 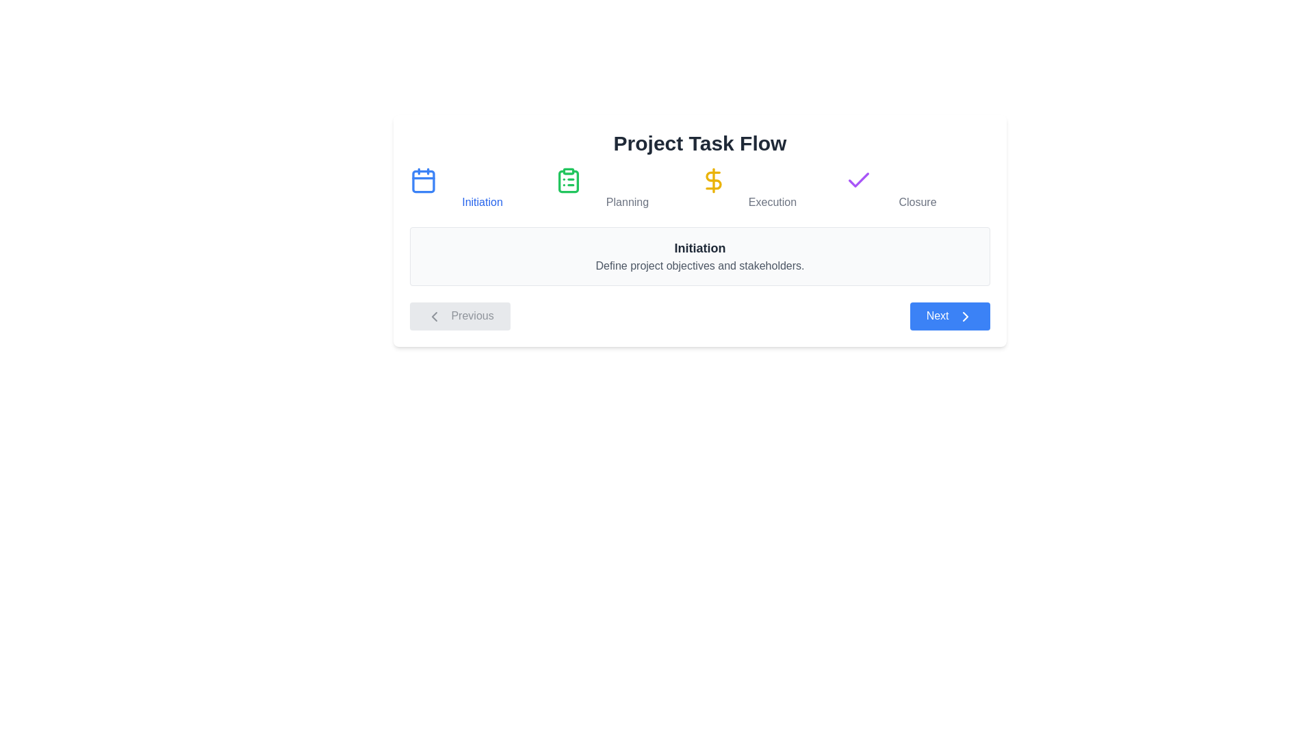 I want to click on the 'Planning' icon located in the navigation bar under 'Project Task Flow', so click(x=568, y=179).